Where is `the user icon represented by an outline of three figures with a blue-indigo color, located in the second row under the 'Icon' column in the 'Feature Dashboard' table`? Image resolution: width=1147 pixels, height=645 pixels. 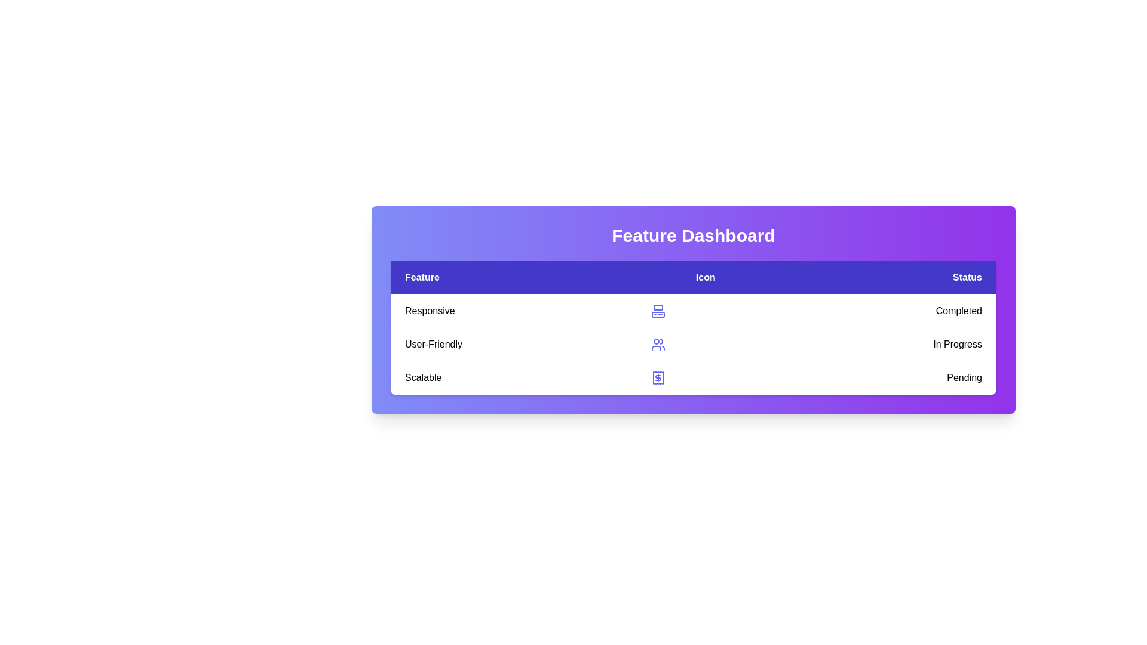
the user icon represented by an outline of three figures with a blue-indigo color, located in the second row under the 'Icon' column in the 'Feature Dashboard' table is located at coordinates (657, 345).